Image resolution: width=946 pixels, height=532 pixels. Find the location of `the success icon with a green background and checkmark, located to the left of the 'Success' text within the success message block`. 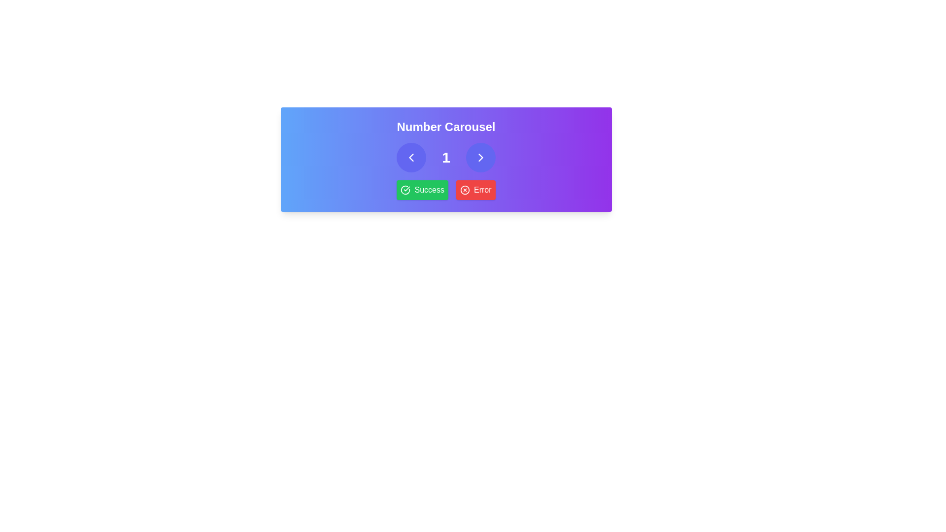

the success icon with a green background and checkmark, located to the left of the 'Success' text within the success message block is located at coordinates (405, 190).